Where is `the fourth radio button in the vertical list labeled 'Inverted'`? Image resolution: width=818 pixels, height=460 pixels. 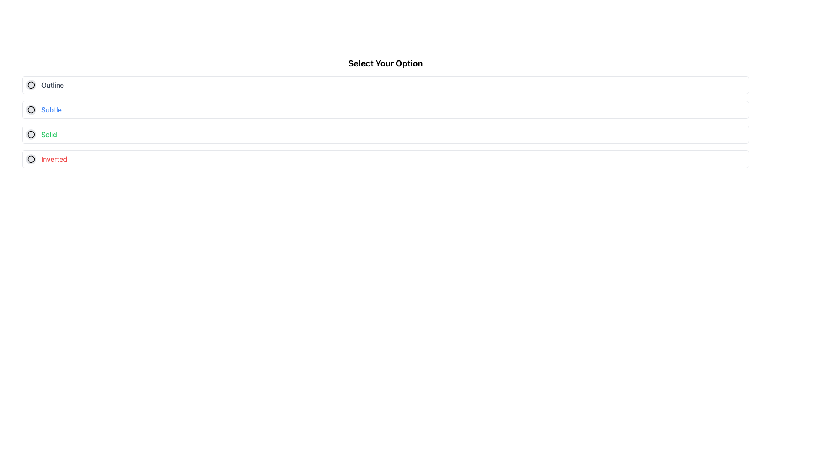
the fourth radio button in the vertical list labeled 'Inverted' is located at coordinates (31, 159).